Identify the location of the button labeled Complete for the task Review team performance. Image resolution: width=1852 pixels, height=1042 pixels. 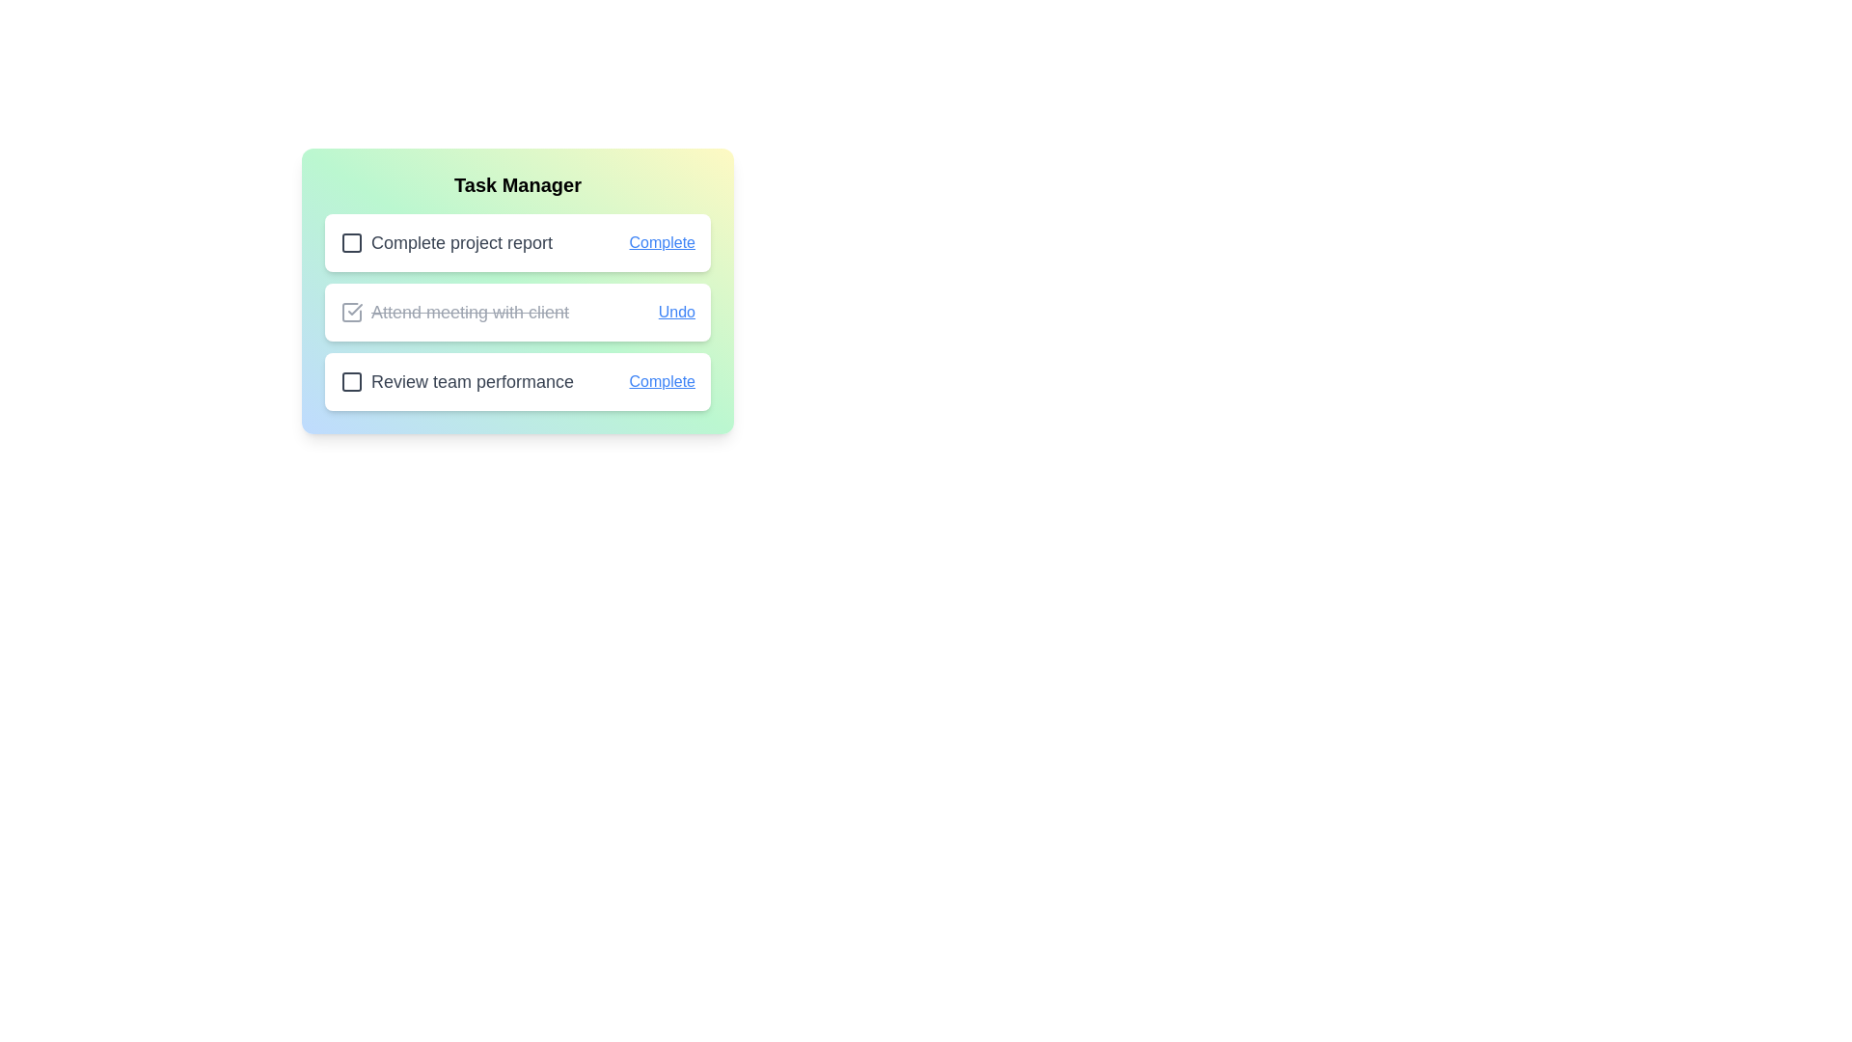
(662, 382).